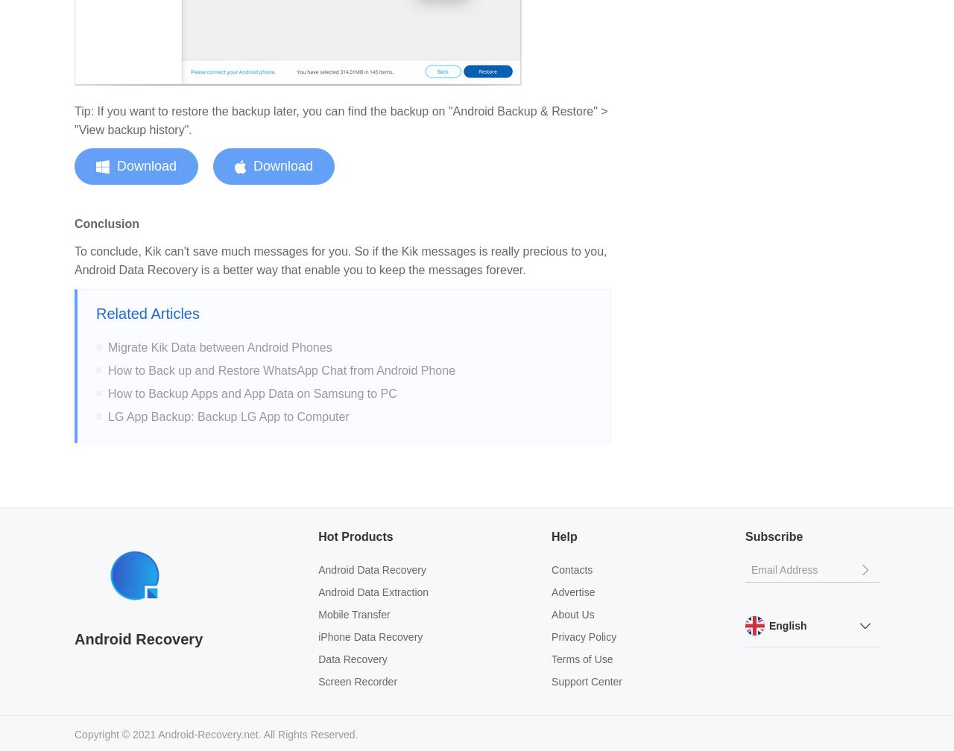  What do you see at coordinates (786, 624) in the screenshot?
I see `'English'` at bounding box center [786, 624].